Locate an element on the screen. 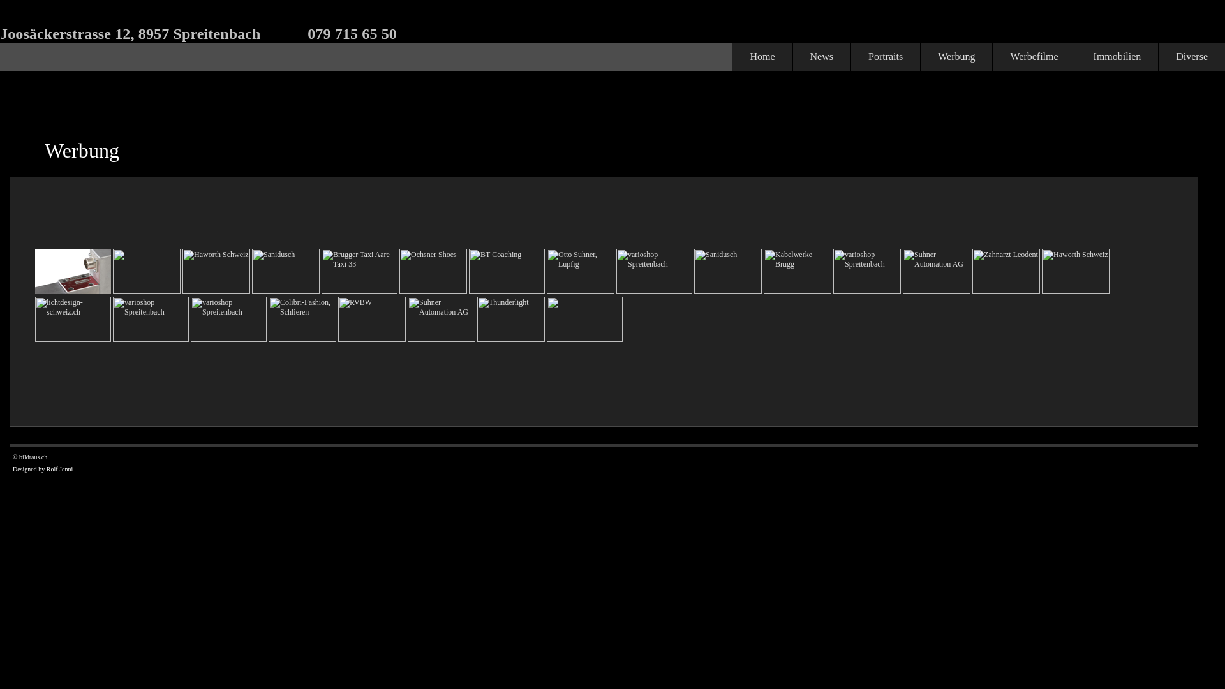 Image resolution: width=1225 pixels, height=689 pixels. 'Home' is located at coordinates (762, 56).